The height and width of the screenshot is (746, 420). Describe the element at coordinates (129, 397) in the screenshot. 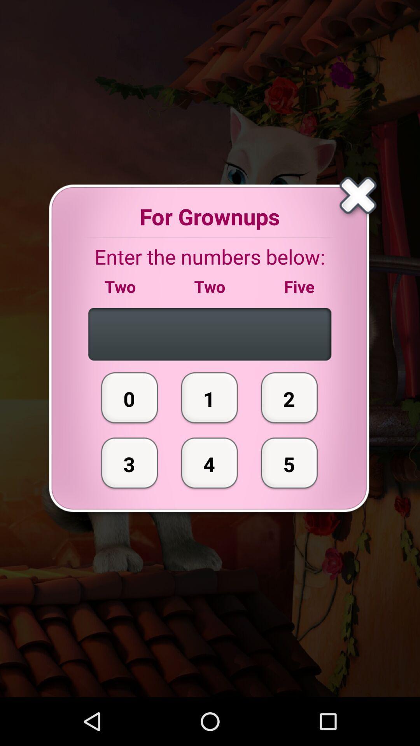

I see `the 0 item` at that location.